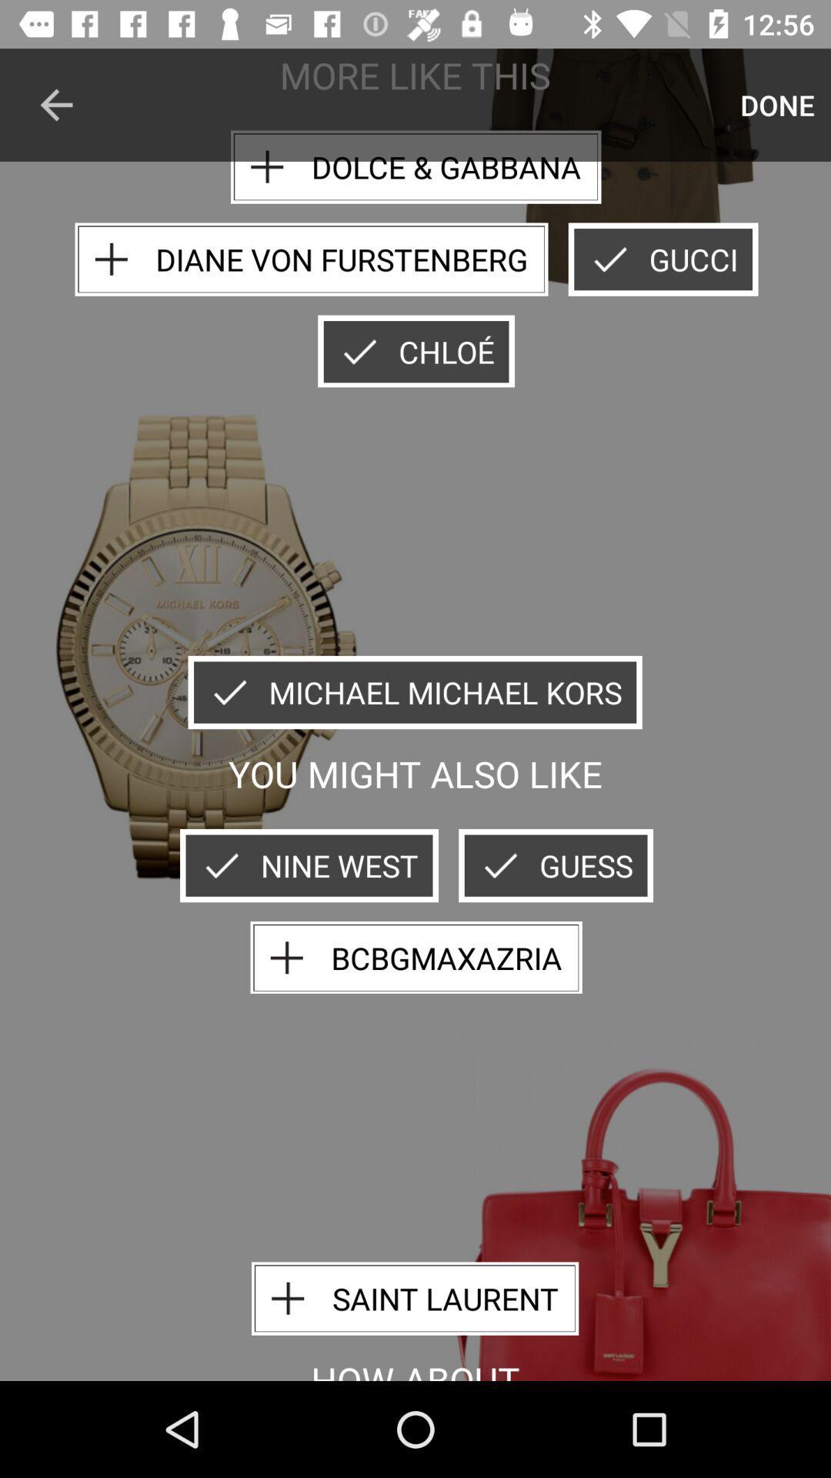  What do you see at coordinates (556, 865) in the screenshot?
I see `the guess` at bounding box center [556, 865].